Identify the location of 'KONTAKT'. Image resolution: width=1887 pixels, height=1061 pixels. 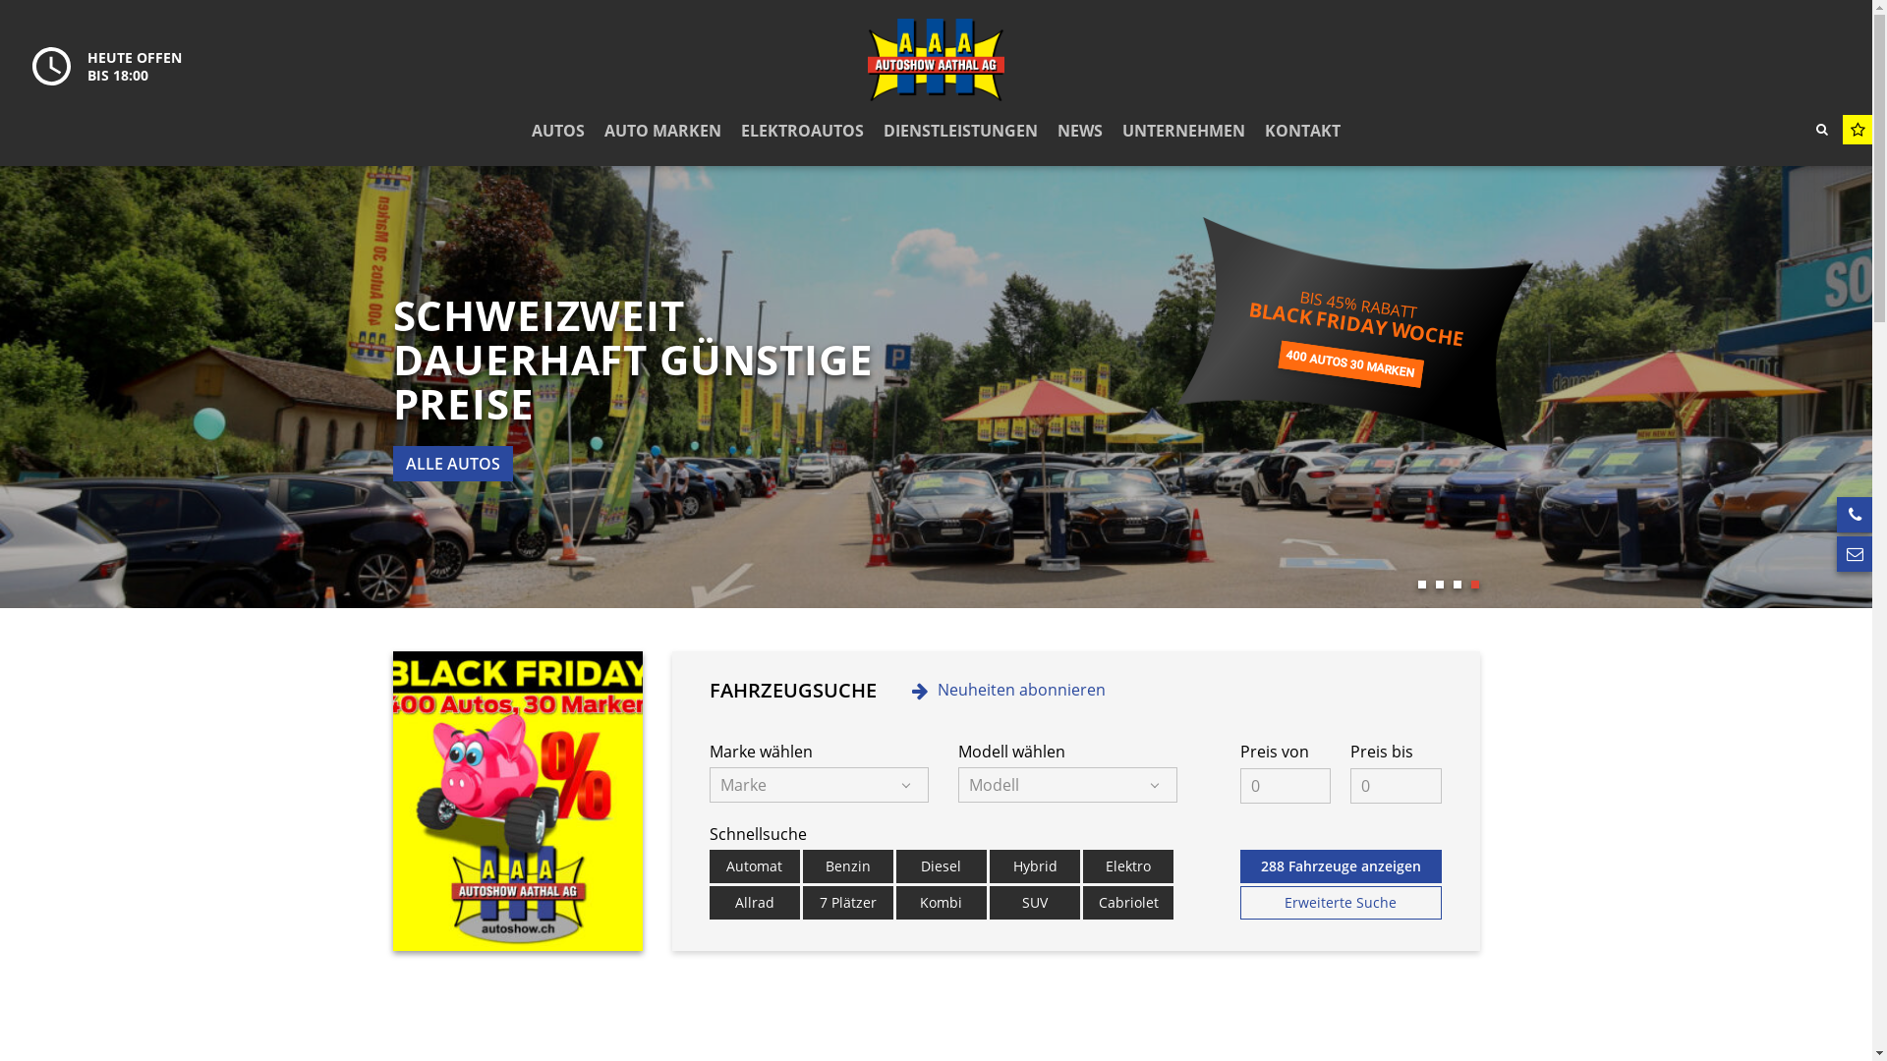
(1302, 131).